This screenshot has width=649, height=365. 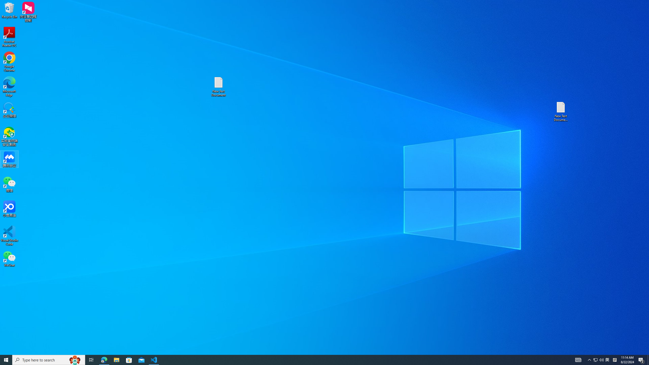 What do you see at coordinates (9, 37) in the screenshot?
I see `'Acrobat Reader DC'` at bounding box center [9, 37].